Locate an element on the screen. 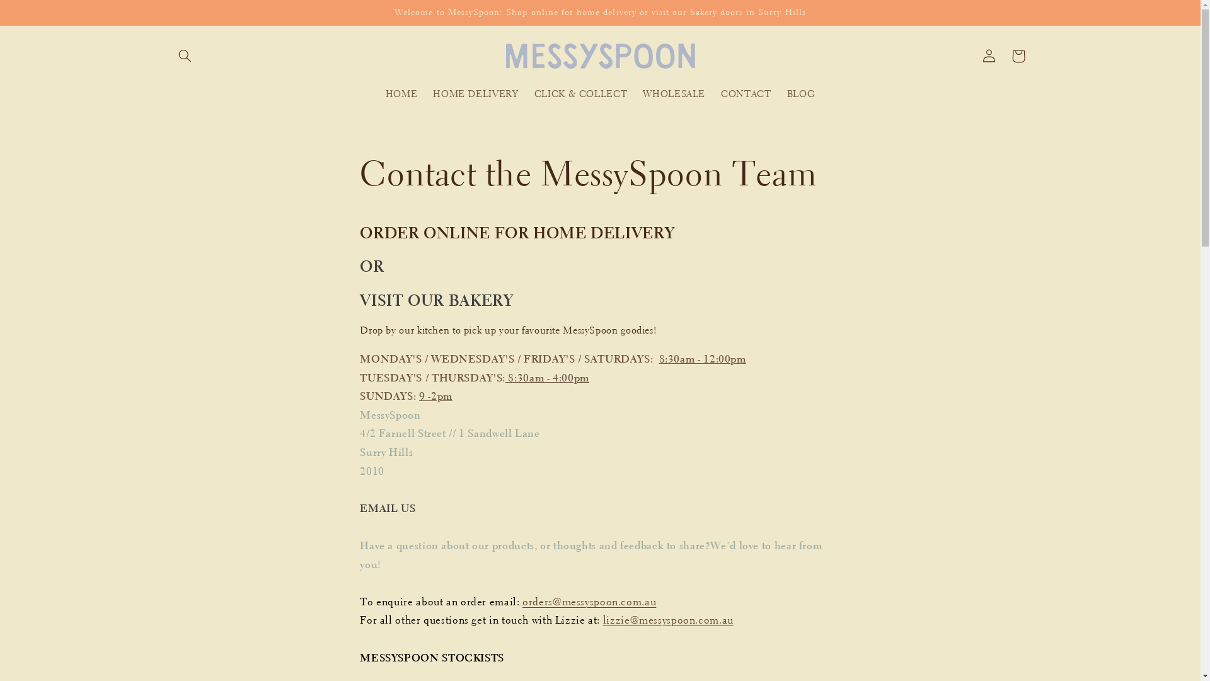  'Cart' is located at coordinates (1018, 55).